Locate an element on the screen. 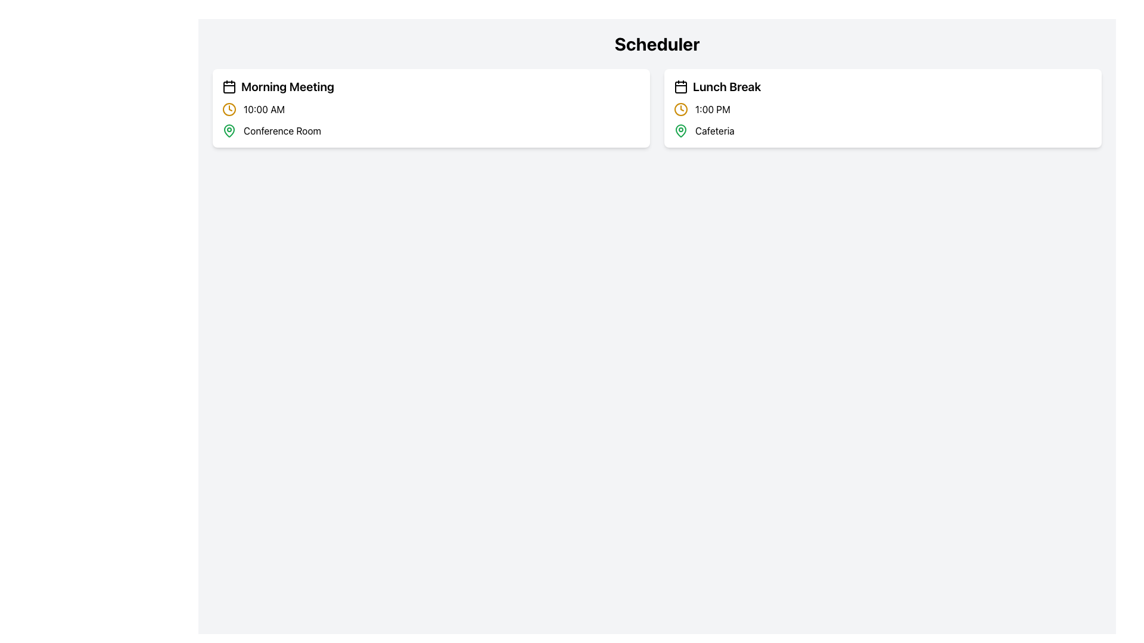 The image size is (1144, 643). the text label displaying 'Cafeteria', which is positioned to the right of a green location pin icon within the 'Lunch Break' schedule section is located at coordinates (714, 130).